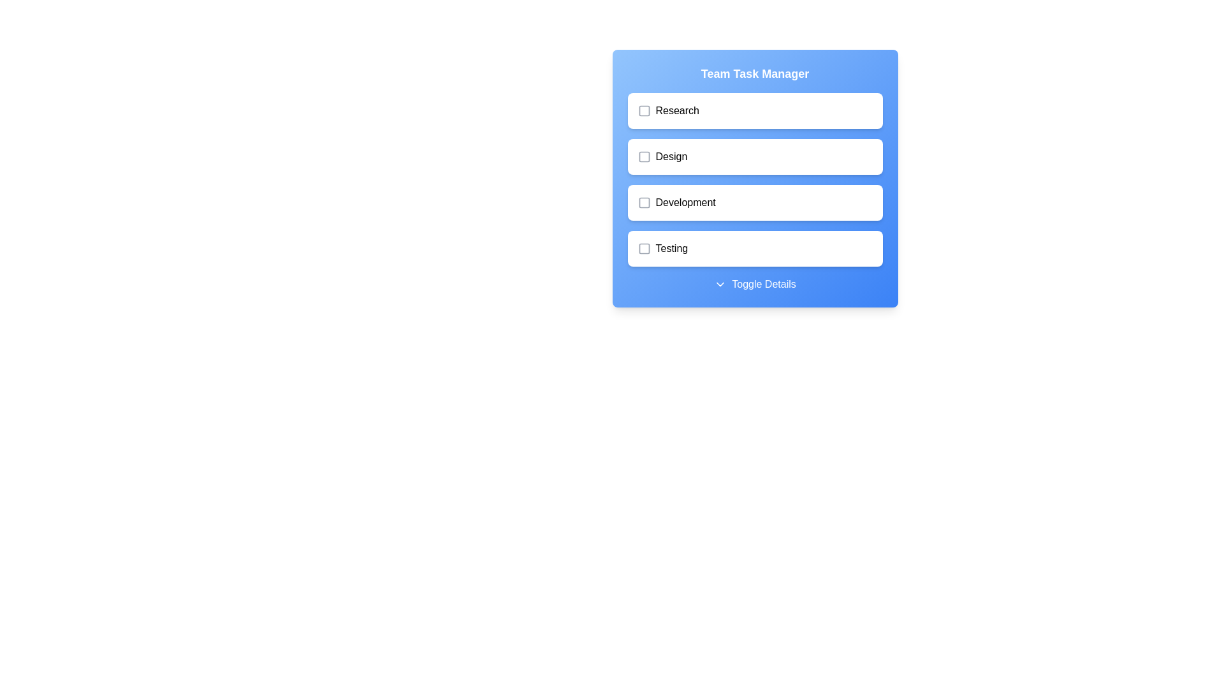  What do you see at coordinates (755, 284) in the screenshot?
I see `the 'Toggle Details' button to expand or collapse the task details` at bounding box center [755, 284].